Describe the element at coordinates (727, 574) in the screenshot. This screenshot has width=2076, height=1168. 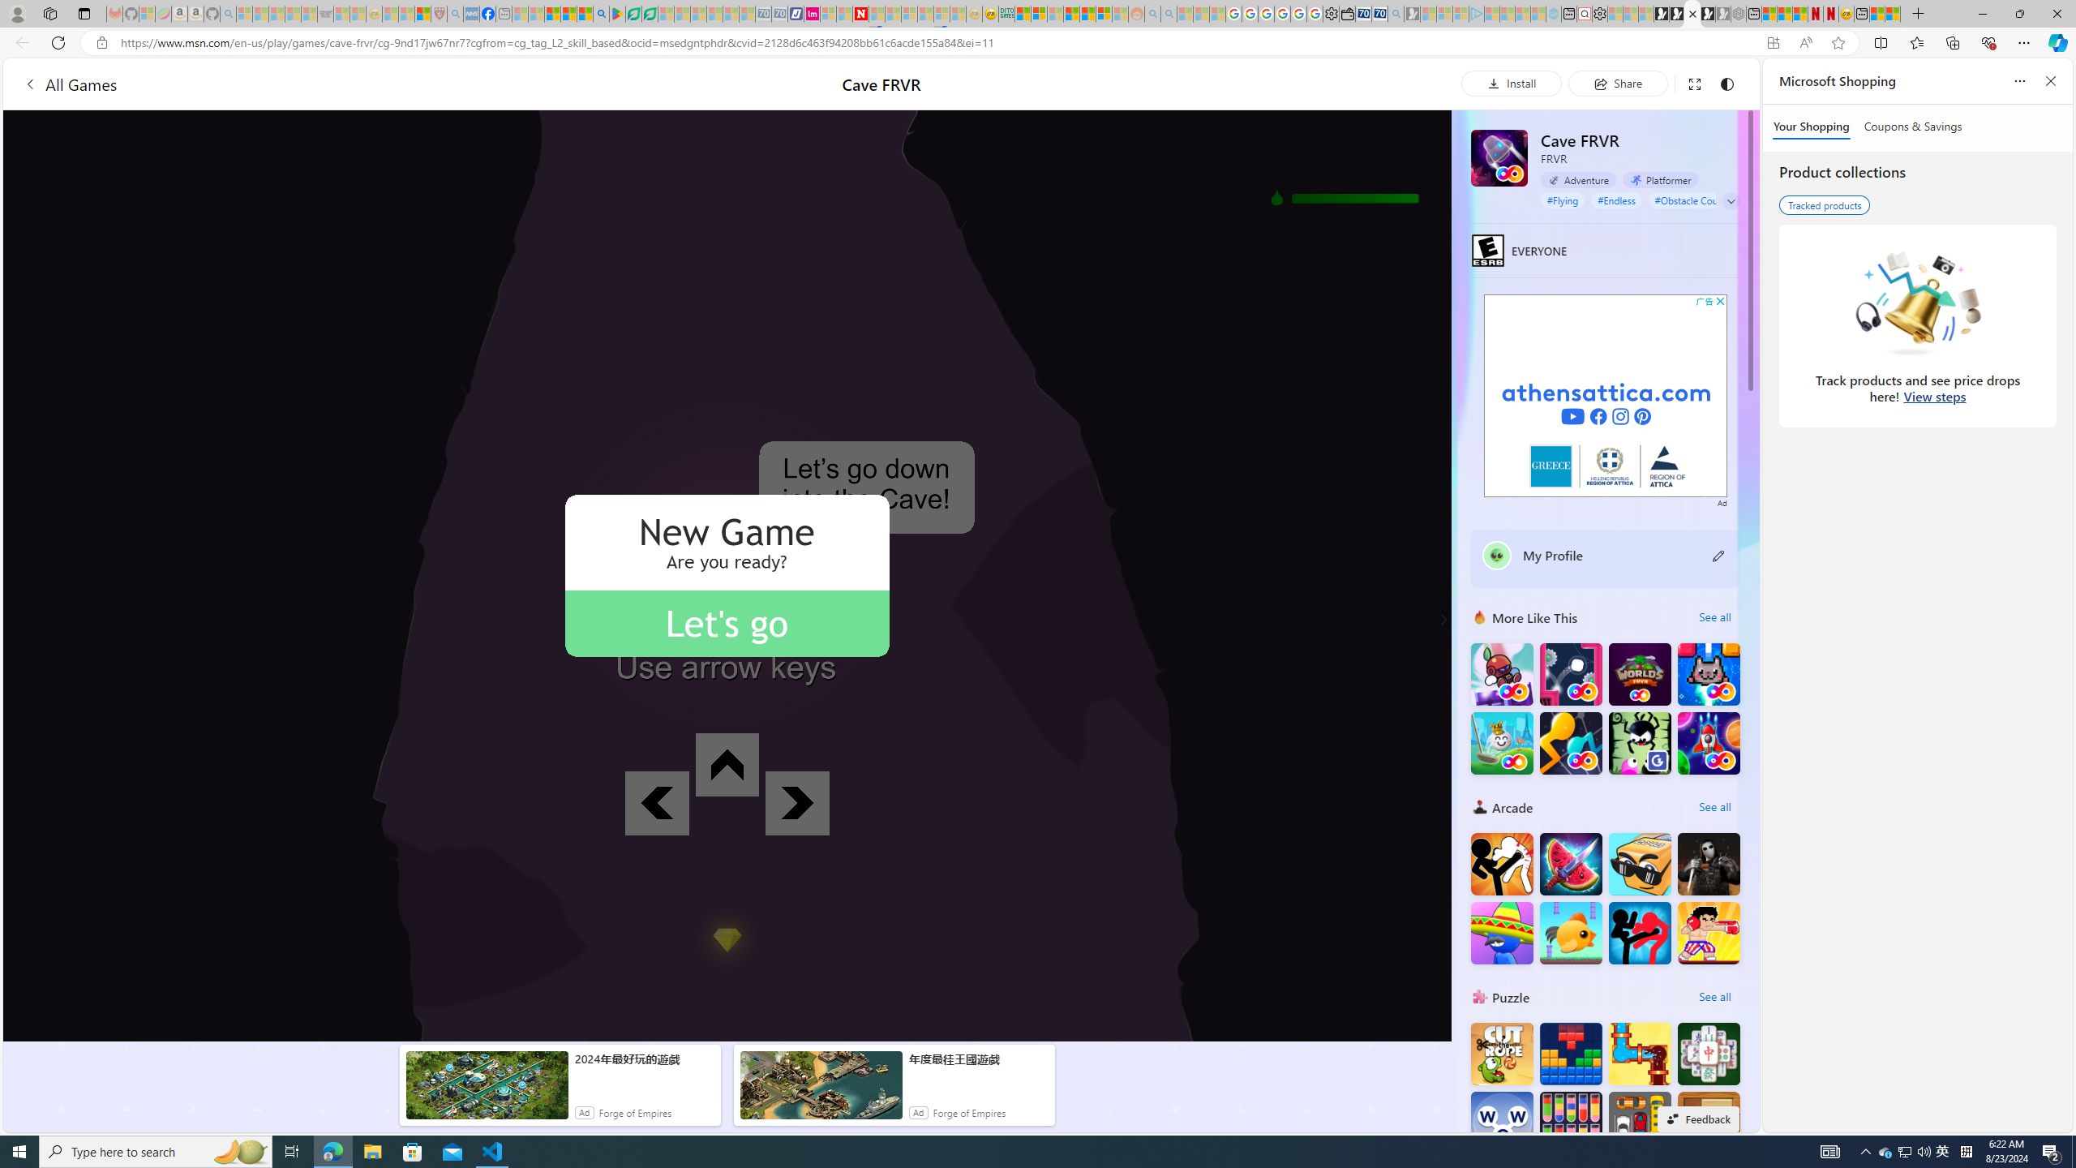
I see `'AutomationID: gameCanvas'` at that location.